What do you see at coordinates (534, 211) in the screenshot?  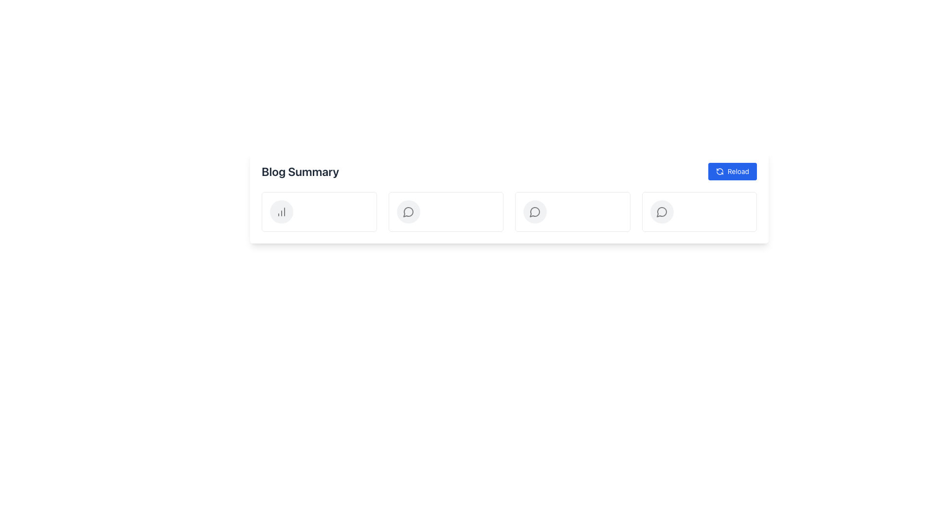 I see `the fourth circular icon related to messaging or comments` at bounding box center [534, 211].